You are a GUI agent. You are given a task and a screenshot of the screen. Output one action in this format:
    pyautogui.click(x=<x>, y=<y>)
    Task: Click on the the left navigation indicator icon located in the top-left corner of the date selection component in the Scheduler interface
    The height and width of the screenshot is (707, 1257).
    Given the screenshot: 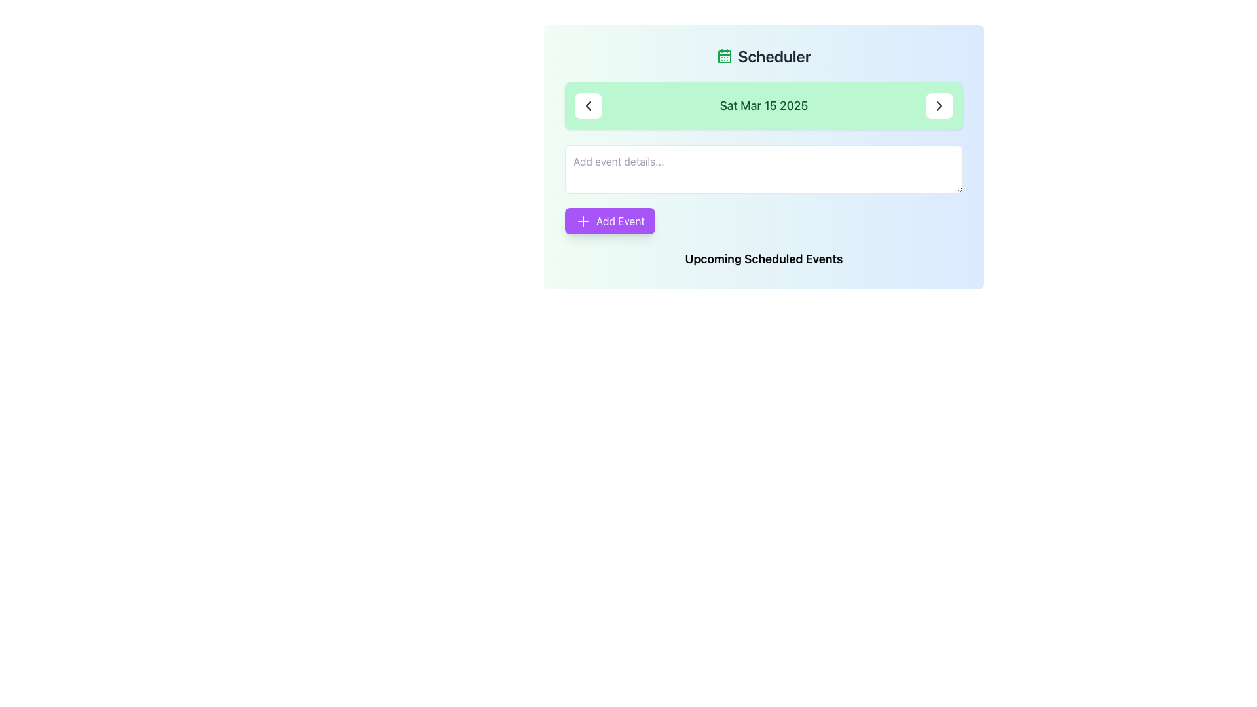 What is the action you would take?
    pyautogui.click(x=587, y=105)
    